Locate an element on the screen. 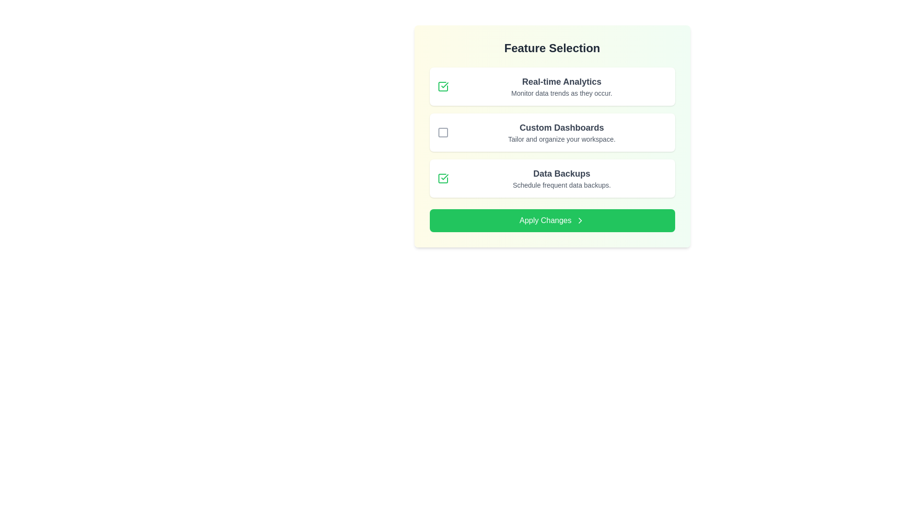  the selectable card for 'Real-time Analytics' in the feature selection form is located at coordinates (552, 87).